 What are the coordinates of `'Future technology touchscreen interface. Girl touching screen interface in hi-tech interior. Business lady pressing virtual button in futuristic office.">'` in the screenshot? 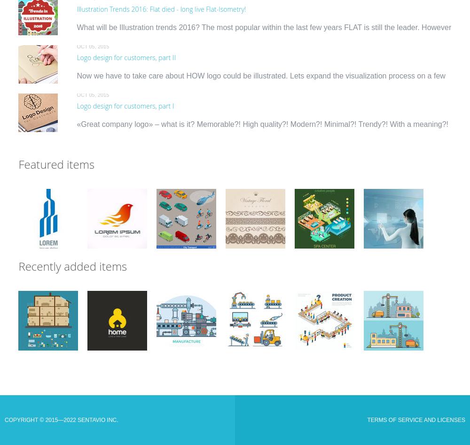 It's located at (392, 234).